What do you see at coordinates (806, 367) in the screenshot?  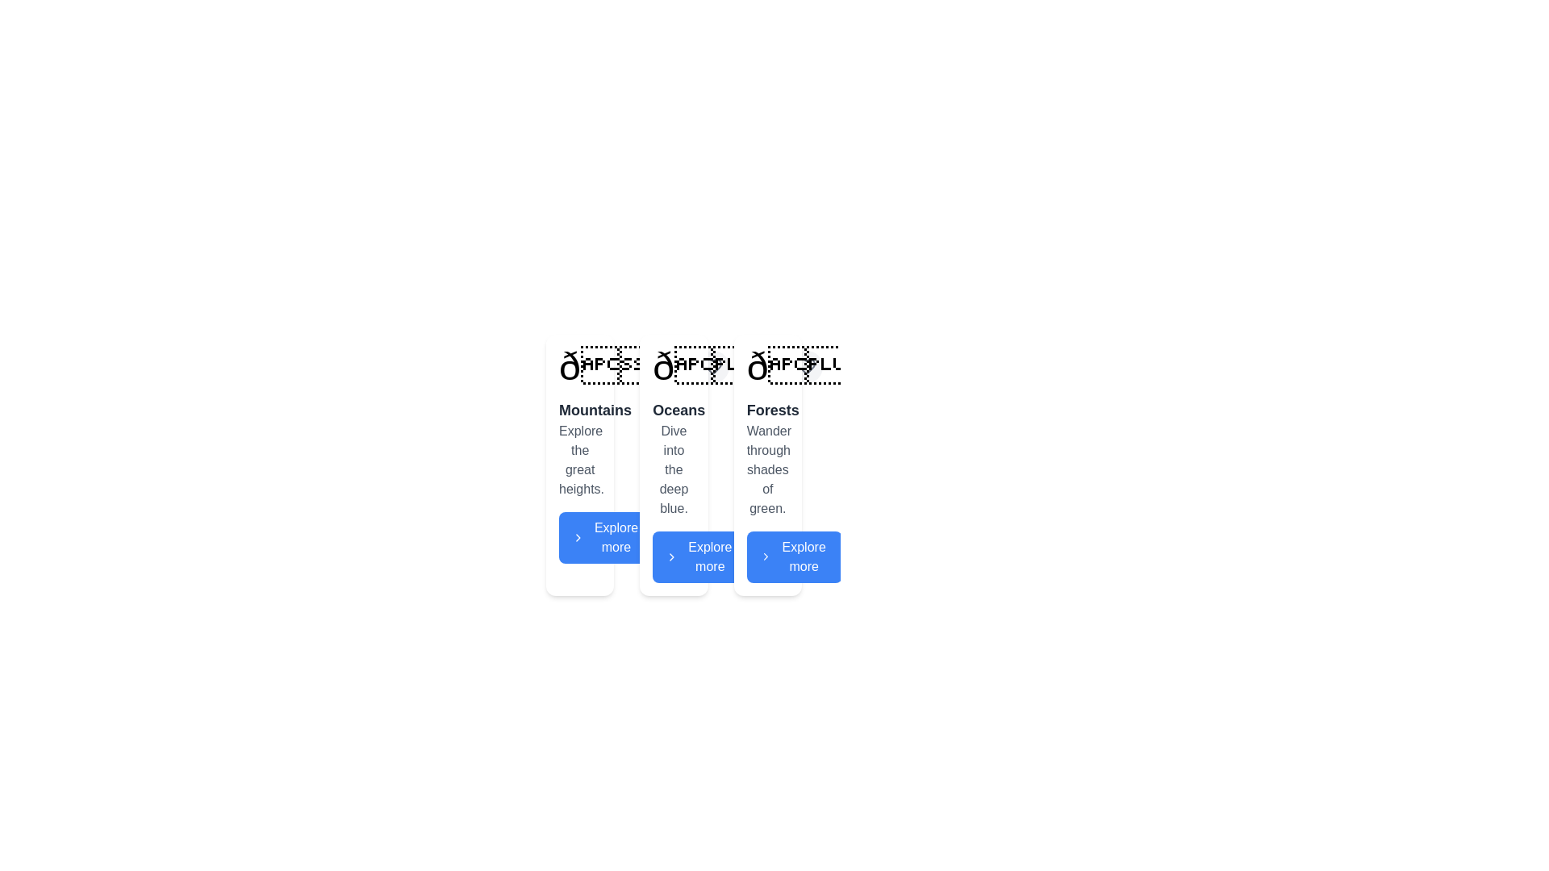 I see `the 'like' or 'favorite' button located at the top-right corner of the 'Forests' card` at bounding box center [806, 367].